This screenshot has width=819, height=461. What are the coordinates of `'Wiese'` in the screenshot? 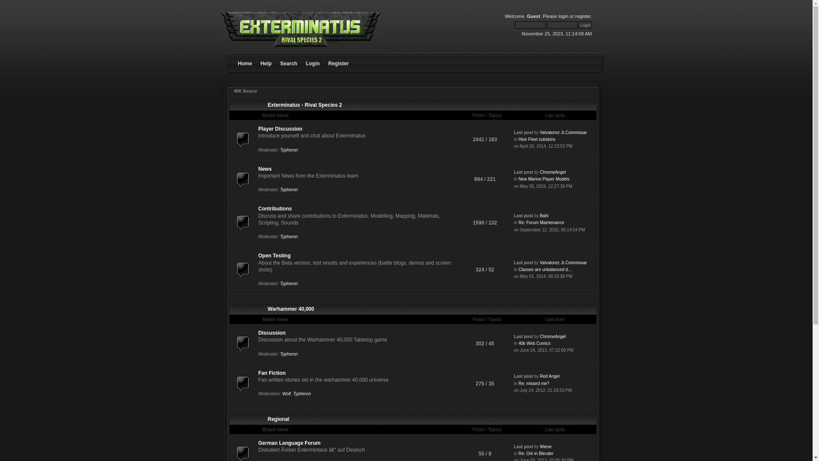 It's located at (539, 446).